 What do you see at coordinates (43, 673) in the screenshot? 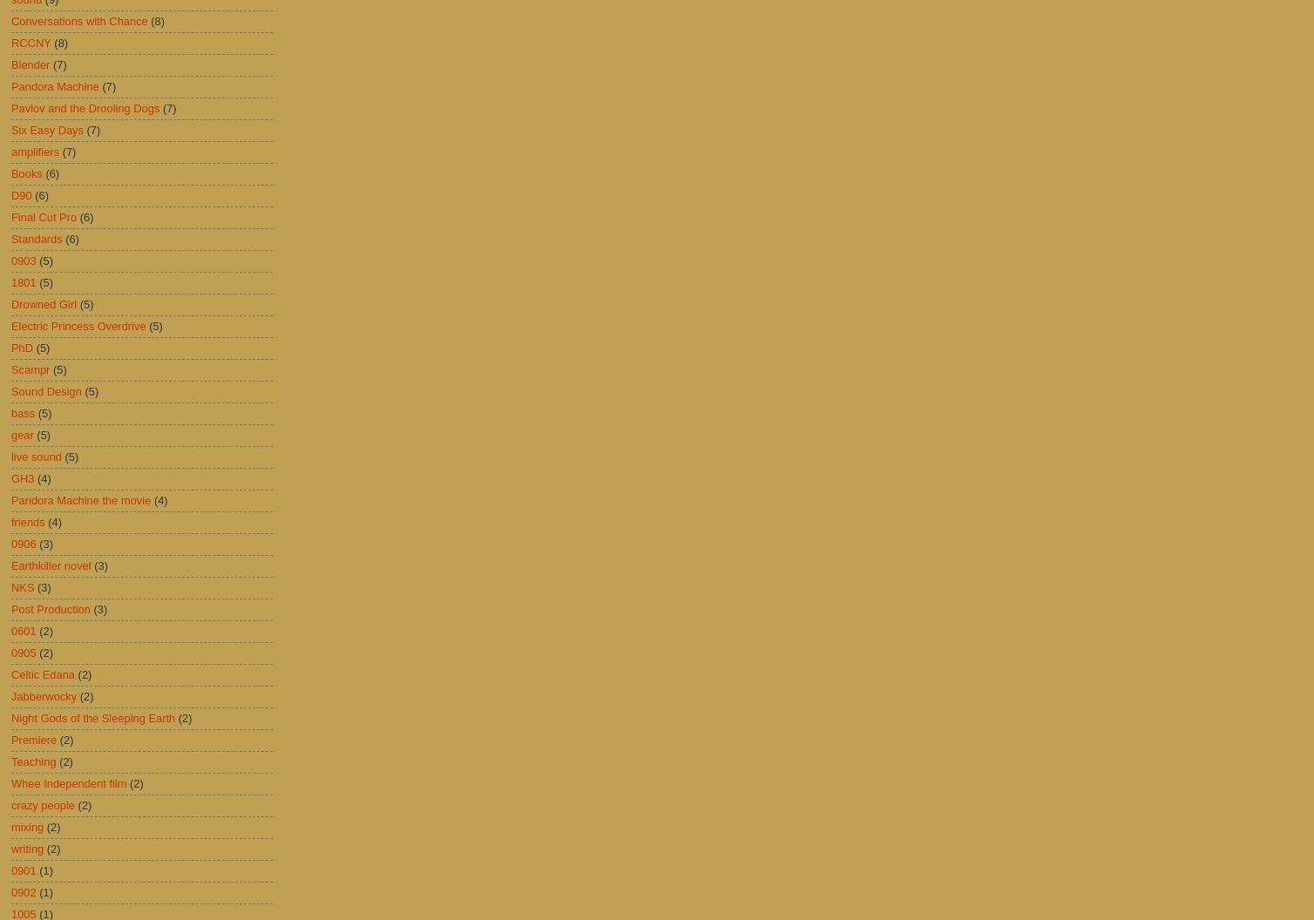
I see `'Celtic Edana'` at bounding box center [43, 673].